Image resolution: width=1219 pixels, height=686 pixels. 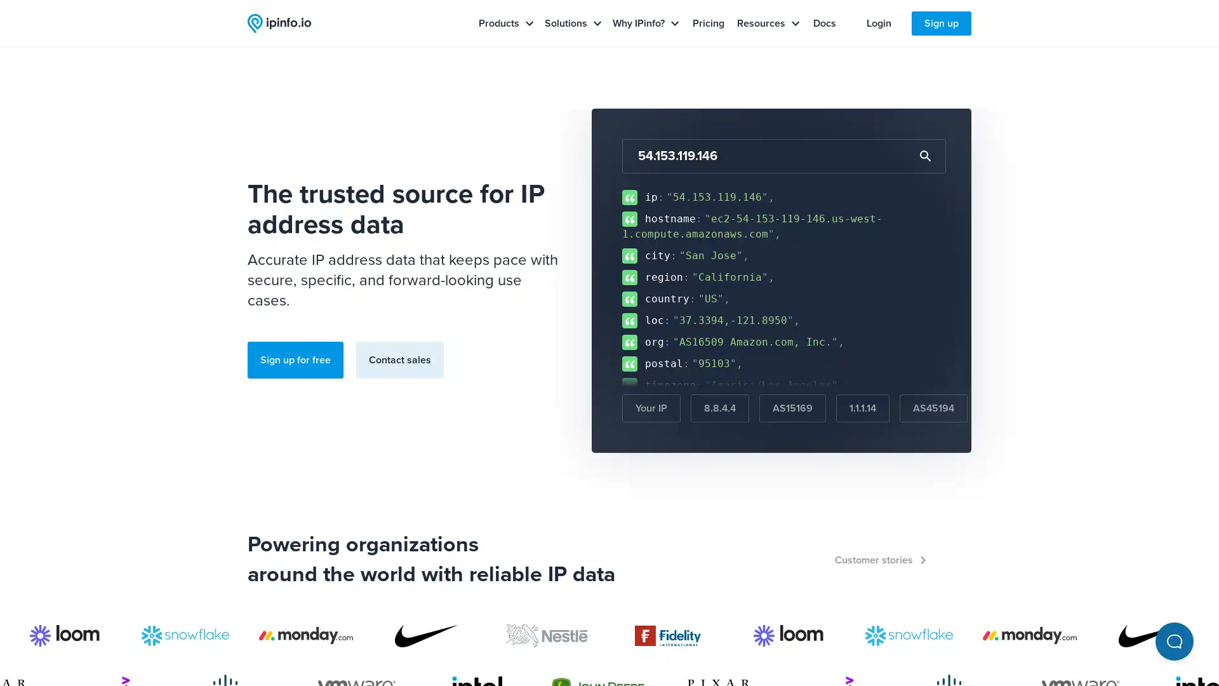 What do you see at coordinates (1173, 642) in the screenshot?
I see `Load Chat` at bounding box center [1173, 642].